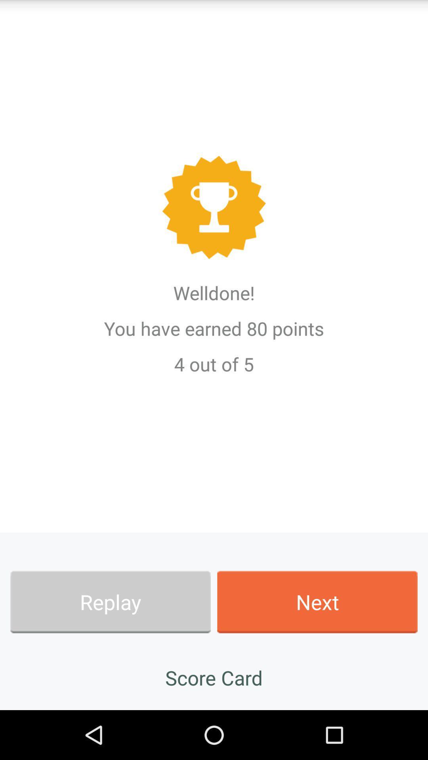  What do you see at coordinates (317, 602) in the screenshot?
I see `the item to the right of replay item` at bounding box center [317, 602].